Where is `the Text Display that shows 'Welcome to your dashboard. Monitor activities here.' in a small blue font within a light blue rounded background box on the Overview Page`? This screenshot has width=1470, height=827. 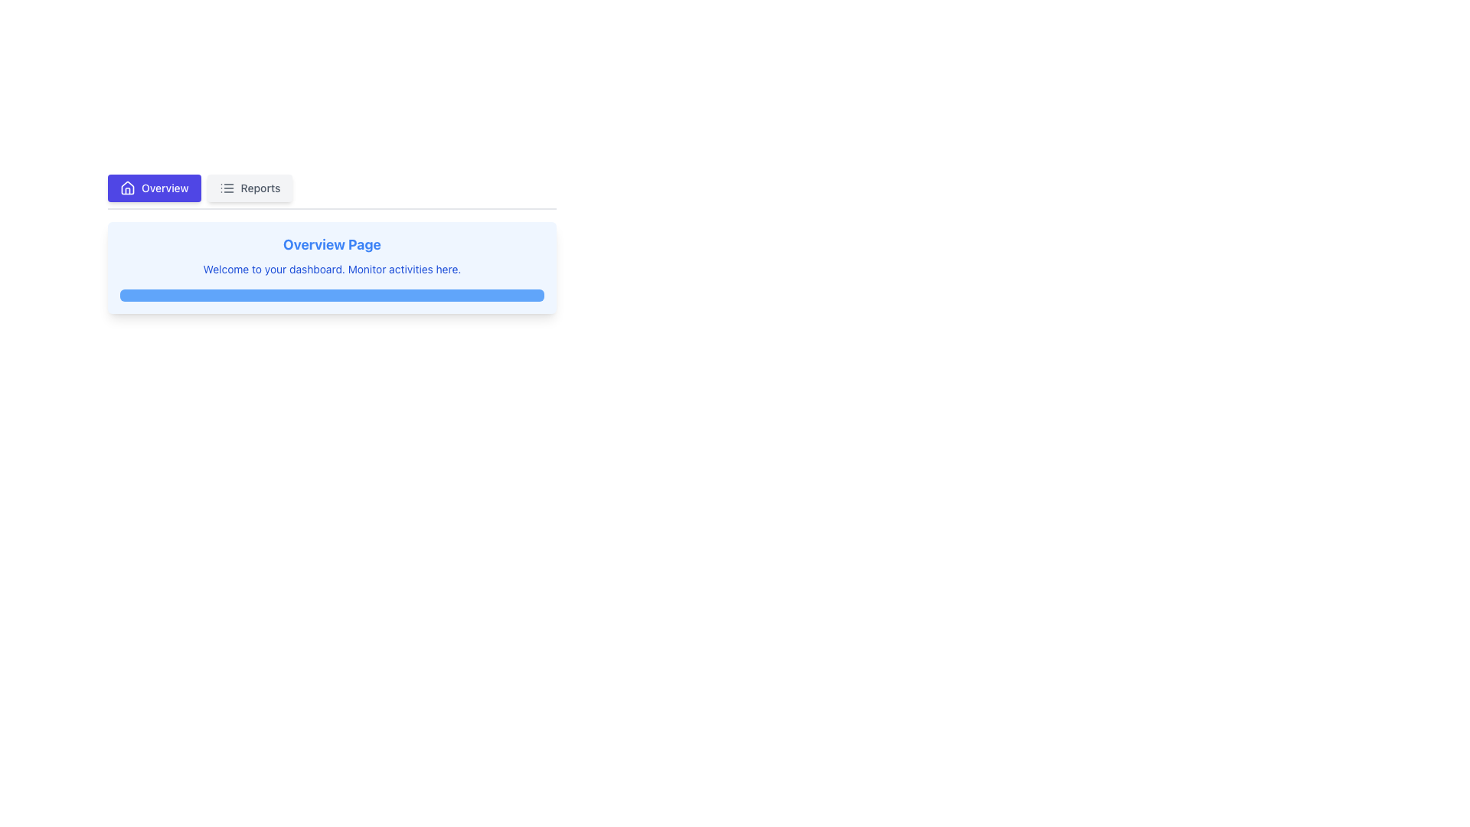
the Text Display that shows 'Welcome to your dashboard. Monitor activities here.' in a small blue font within a light blue rounded background box on the Overview Page is located at coordinates (331, 268).